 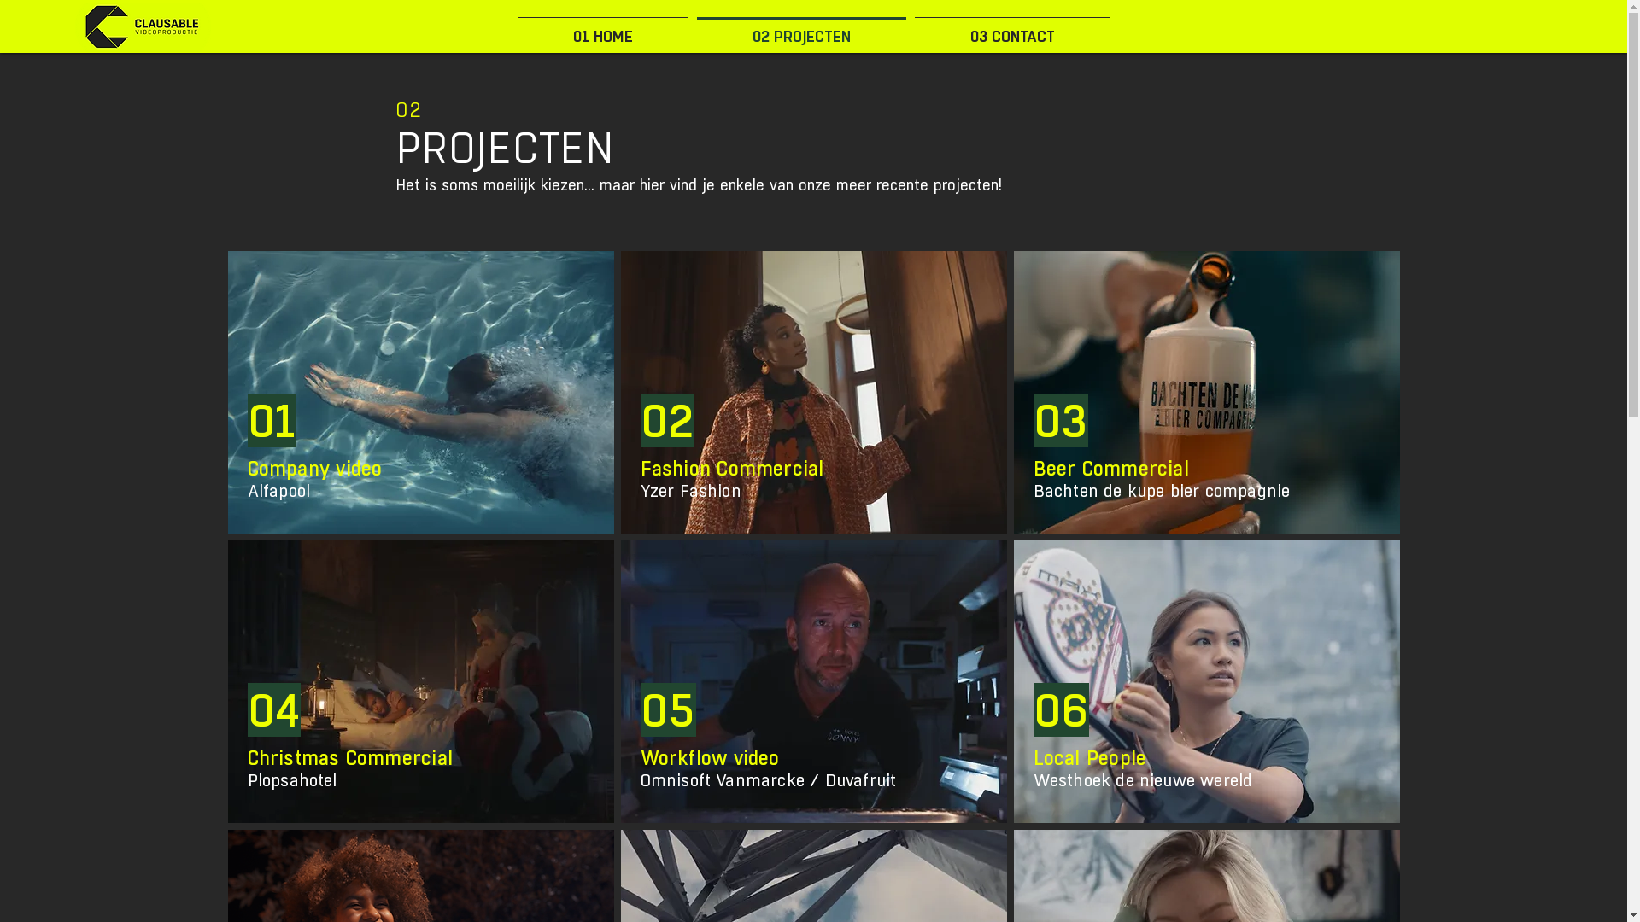 What do you see at coordinates (732, 468) in the screenshot?
I see `'Fashion Commercial'` at bounding box center [732, 468].